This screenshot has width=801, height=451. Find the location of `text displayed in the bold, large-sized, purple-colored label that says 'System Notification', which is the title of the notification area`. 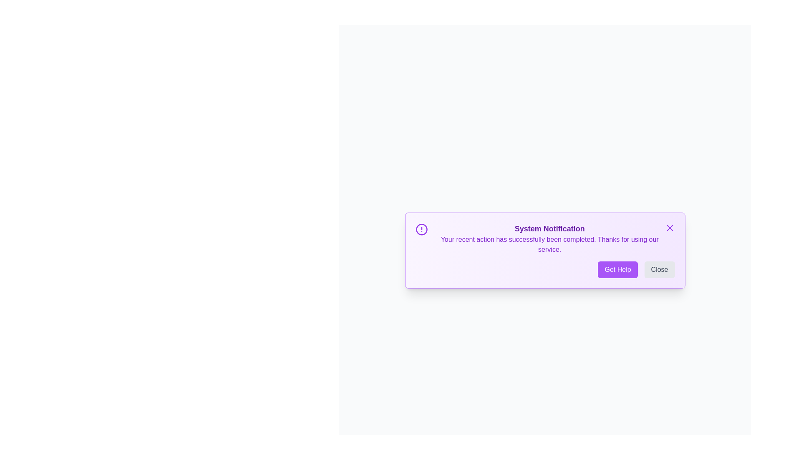

text displayed in the bold, large-sized, purple-colored label that says 'System Notification', which is the title of the notification area is located at coordinates (549, 228).